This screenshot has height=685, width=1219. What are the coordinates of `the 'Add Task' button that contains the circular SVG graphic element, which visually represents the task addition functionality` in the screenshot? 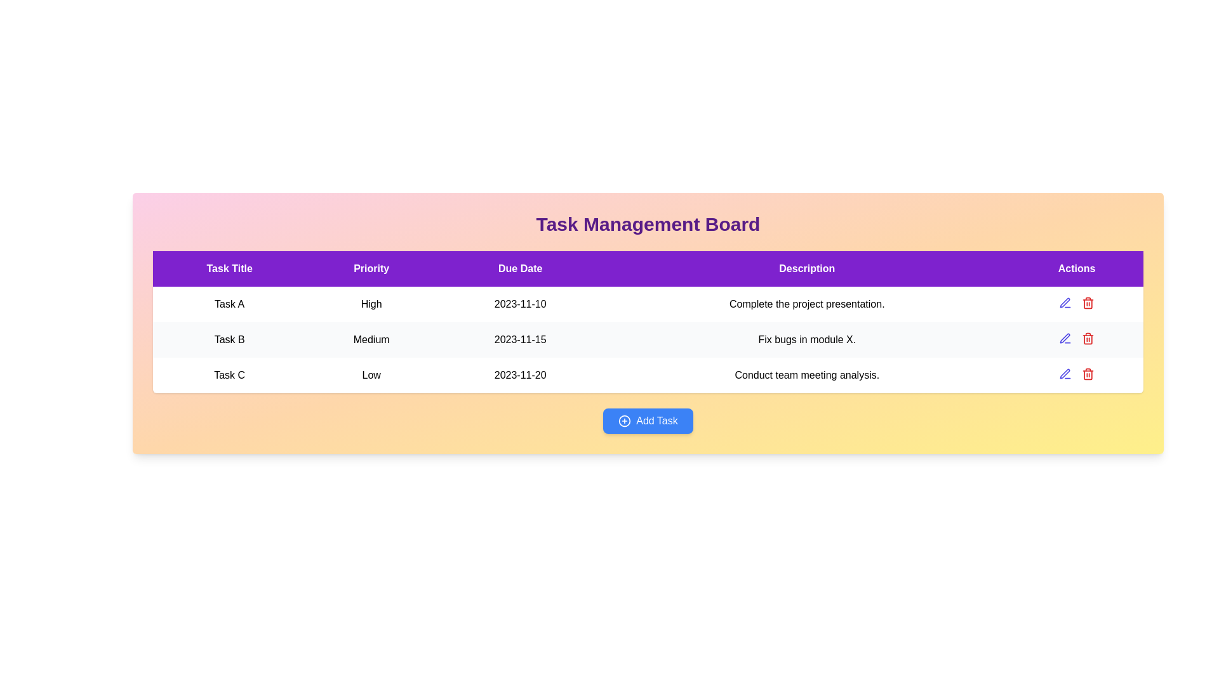 It's located at (624, 421).